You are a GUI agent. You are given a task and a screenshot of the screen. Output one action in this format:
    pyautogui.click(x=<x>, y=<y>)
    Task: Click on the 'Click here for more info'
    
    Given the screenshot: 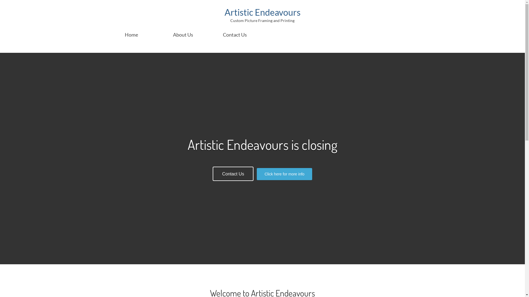 What is the action you would take?
    pyautogui.click(x=284, y=174)
    